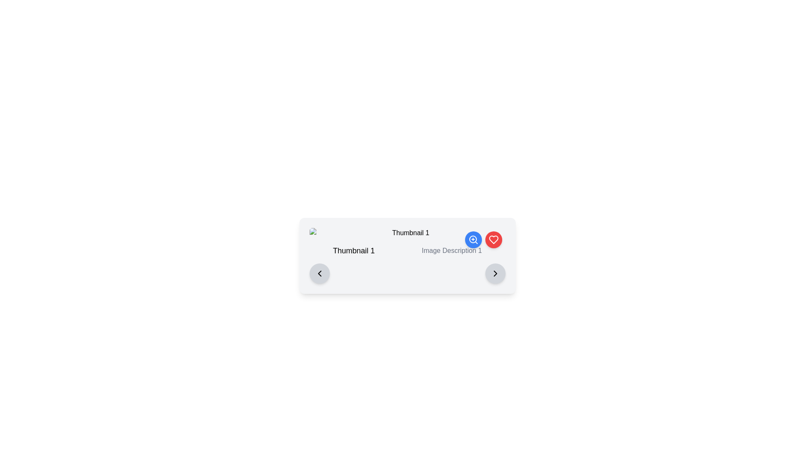 This screenshot has height=456, width=811. Describe the element at coordinates (473, 239) in the screenshot. I see `the zoom-in button located at the top-right corner of the card-like component, which is the leftmost button next to the red heart-shaped button` at that location.